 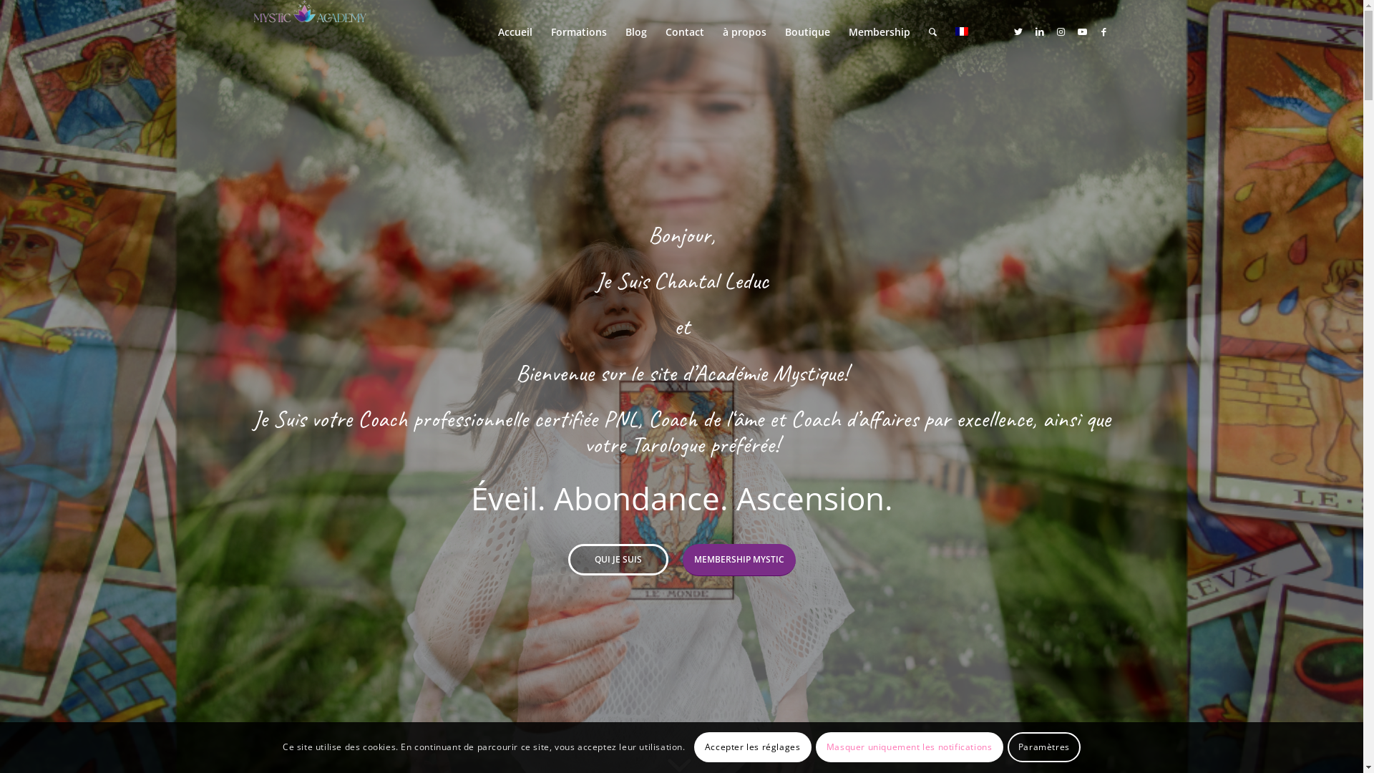 I want to click on 'Accueil', so click(x=515, y=32).